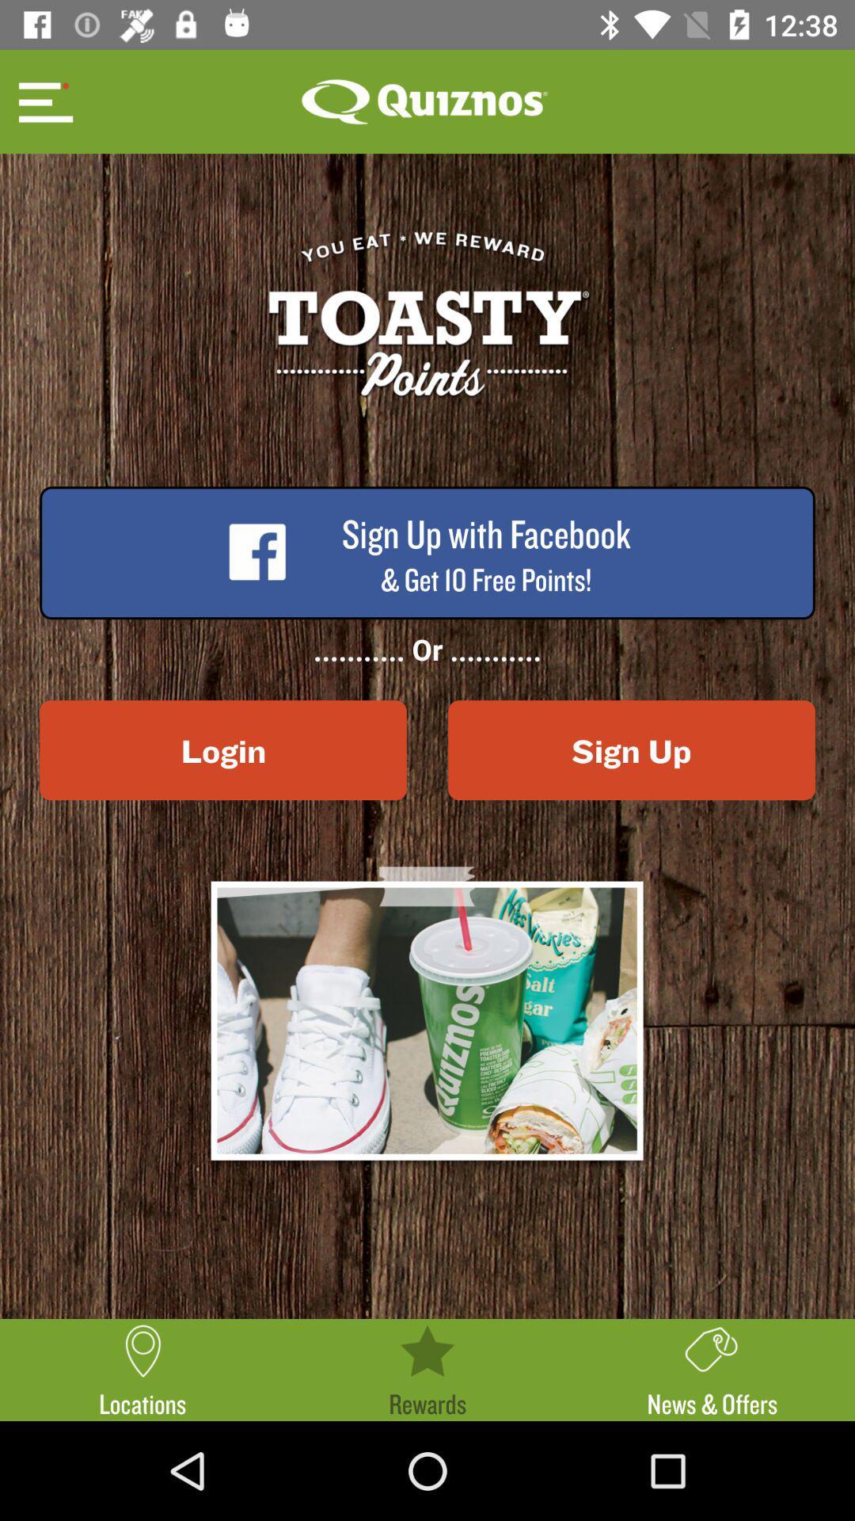 This screenshot has height=1521, width=855. I want to click on open options, so click(43, 101).